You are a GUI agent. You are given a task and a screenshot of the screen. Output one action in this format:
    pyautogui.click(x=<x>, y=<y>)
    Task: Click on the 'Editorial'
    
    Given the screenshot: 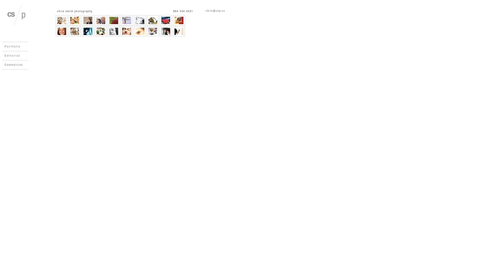 What is the action you would take?
    pyautogui.click(x=16, y=56)
    